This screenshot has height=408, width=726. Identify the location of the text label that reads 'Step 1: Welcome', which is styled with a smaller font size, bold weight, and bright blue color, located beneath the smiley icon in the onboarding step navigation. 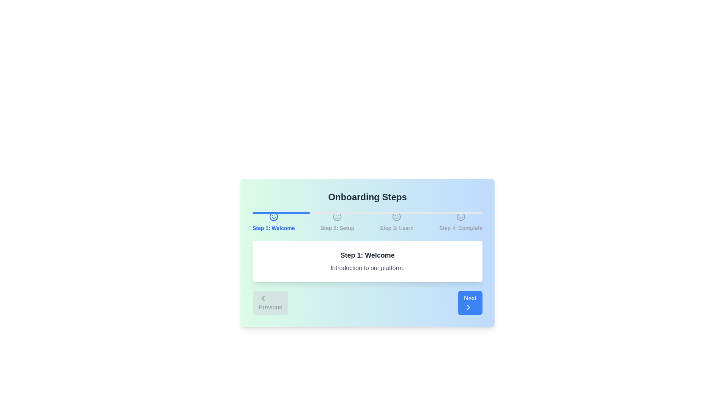
(273, 228).